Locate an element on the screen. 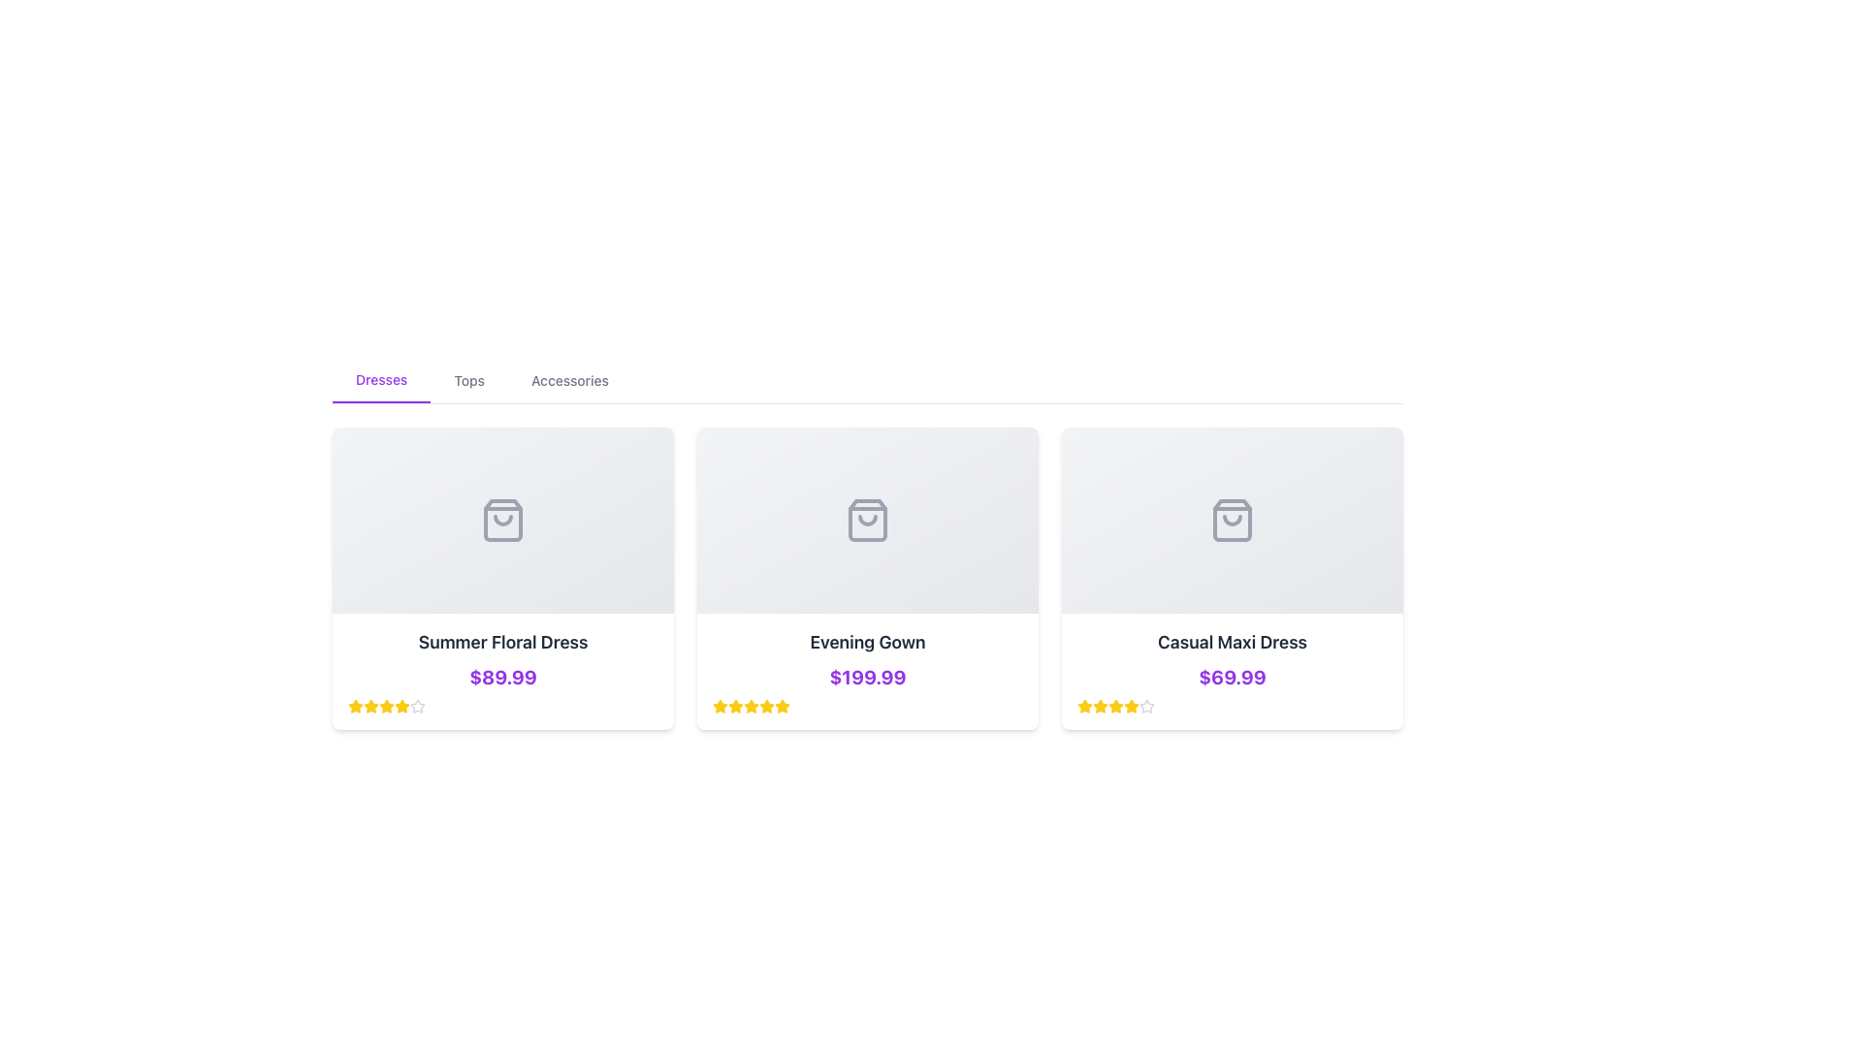 The width and height of the screenshot is (1862, 1047). the fourth yellow star icon in the rating indicator for the product 'Casual Maxi Dress' is located at coordinates (1131, 706).